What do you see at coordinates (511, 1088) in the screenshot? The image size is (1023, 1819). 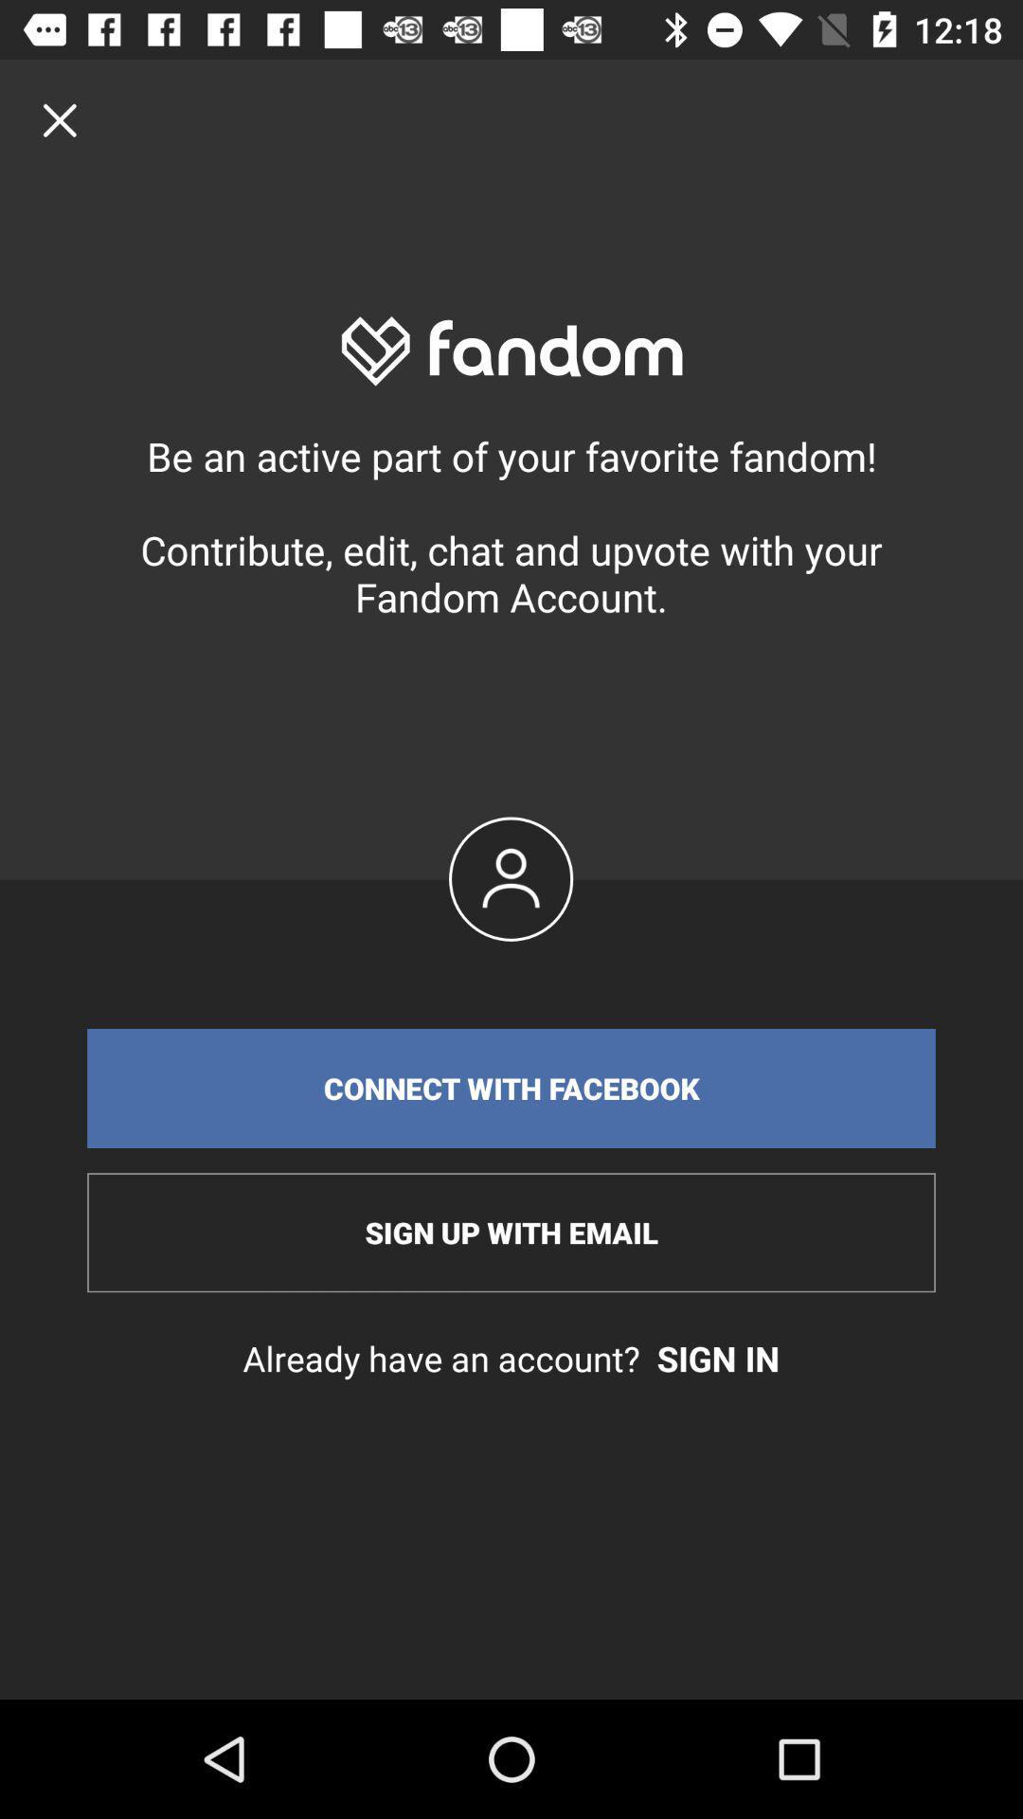 I see `the connect with facebook` at bounding box center [511, 1088].